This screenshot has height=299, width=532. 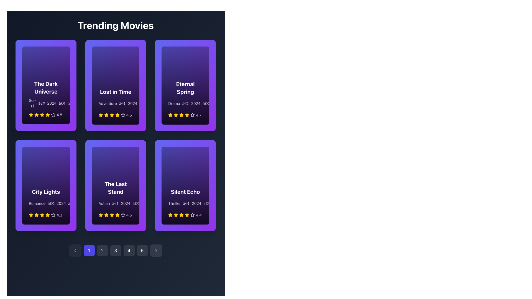 I want to click on the 'City Lights' informational card, which features a purple gradient background and includes the title 'City Lights' in bold white font, descriptive information, and a rating stars line, so click(x=46, y=185).